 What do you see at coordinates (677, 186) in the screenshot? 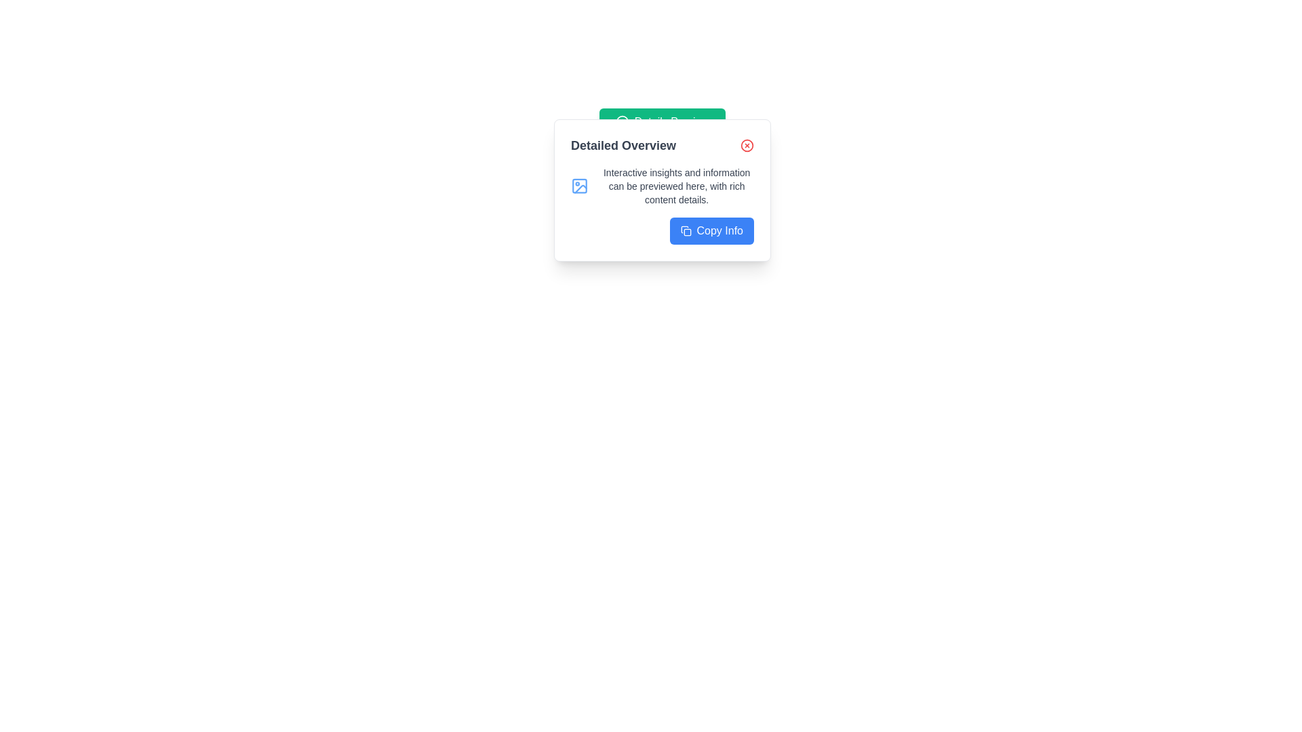
I see `the static text block containing the message 'Interactive insights and information can be previewed here, with rich content details.' located in the central part of the modal dialog box titled 'Detailed Overview'` at bounding box center [677, 186].